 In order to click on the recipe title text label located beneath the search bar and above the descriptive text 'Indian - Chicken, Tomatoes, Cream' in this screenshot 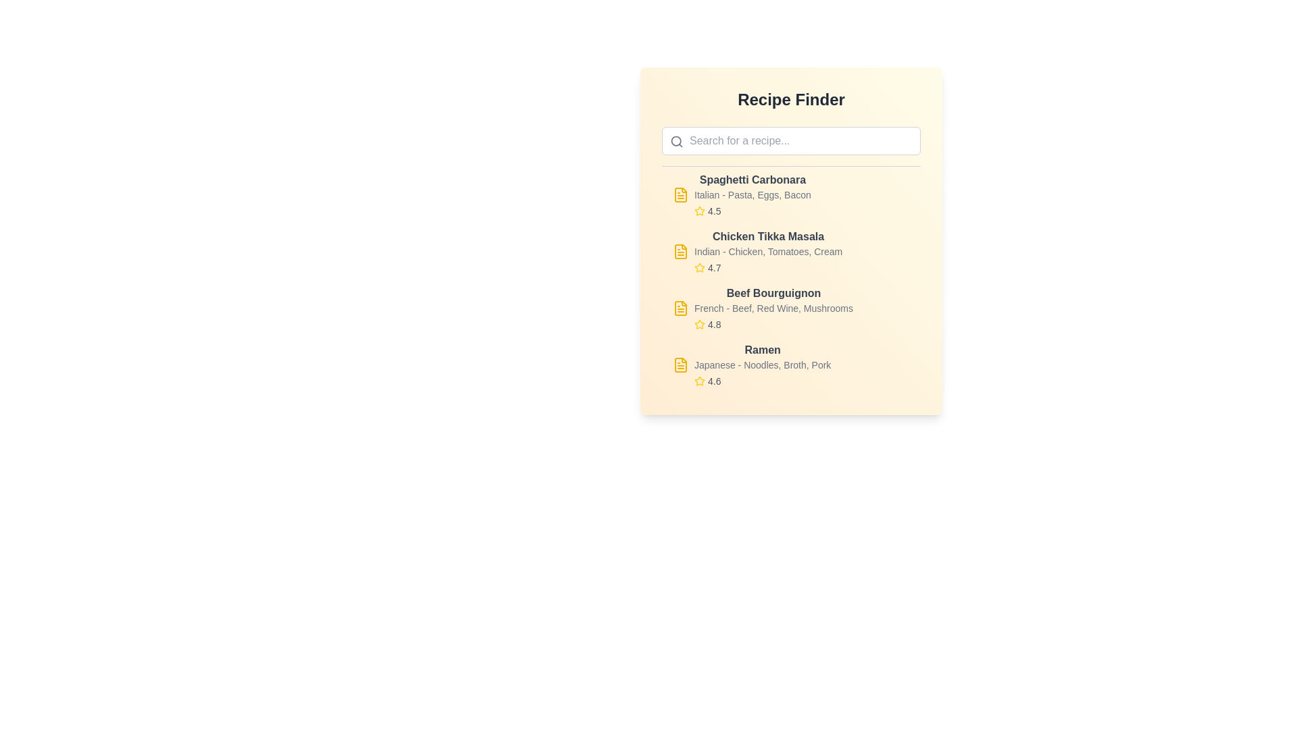, I will do `click(768, 236)`.